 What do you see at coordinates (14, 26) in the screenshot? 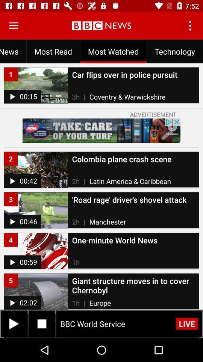
I see `open navigation menu` at bounding box center [14, 26].